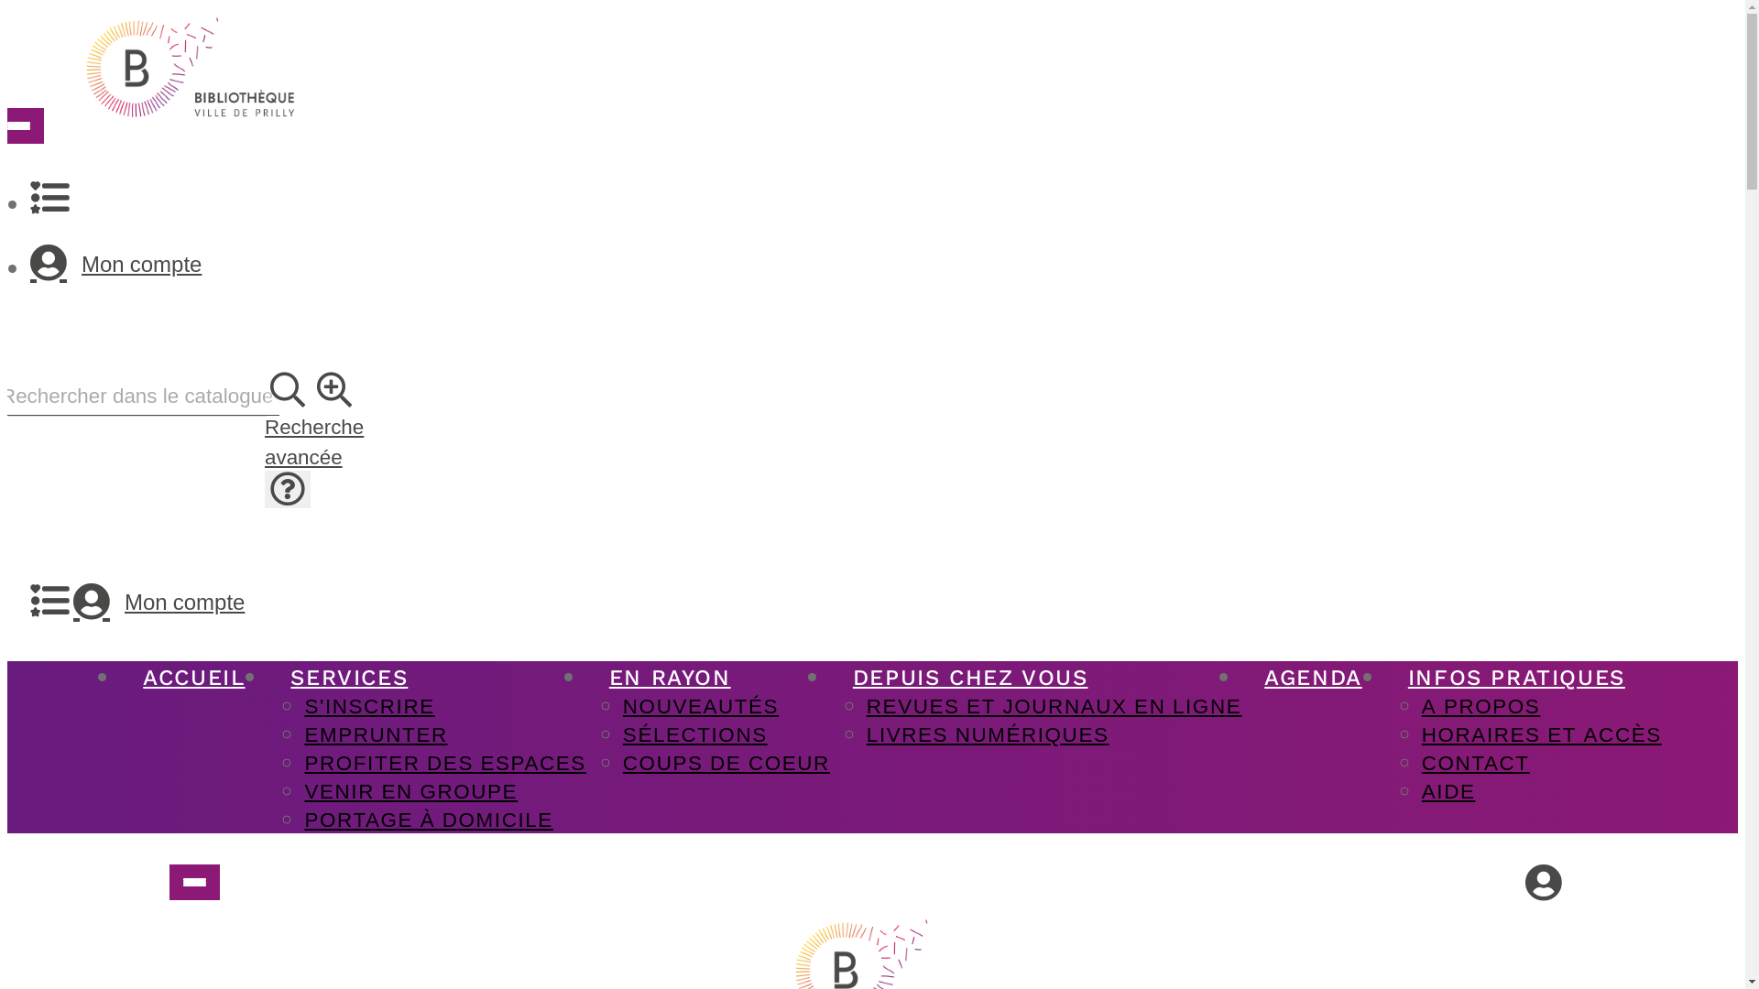 This screenshot has height=989, width=1759. I want to click on 'Lancer la recherche', so click(287, 389).